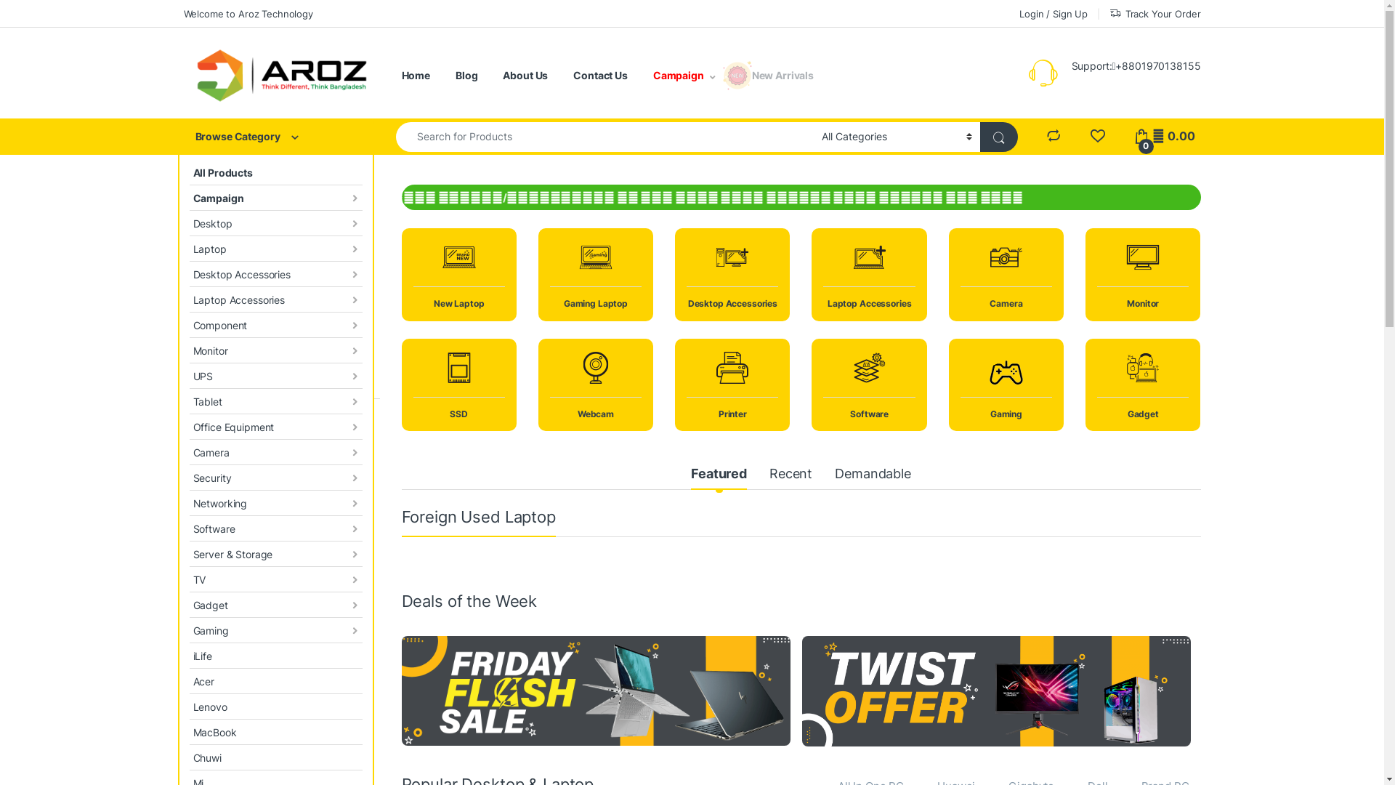 The width and height of the screenshot is (1395, 785). What do you see at coordinates (187, 324) in the screenshot?
I see `'Component'` at bounding box center [187, 324].